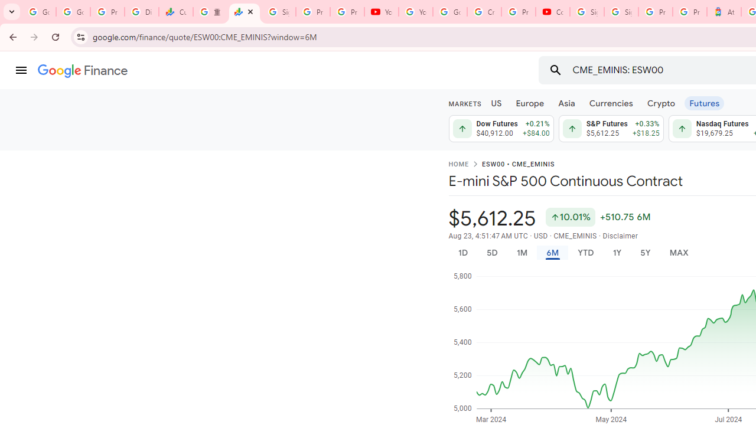  What do you see at coordinates (644, 252) in the screenshot?
I see `'5Y'` at bounding box center [644, 252].